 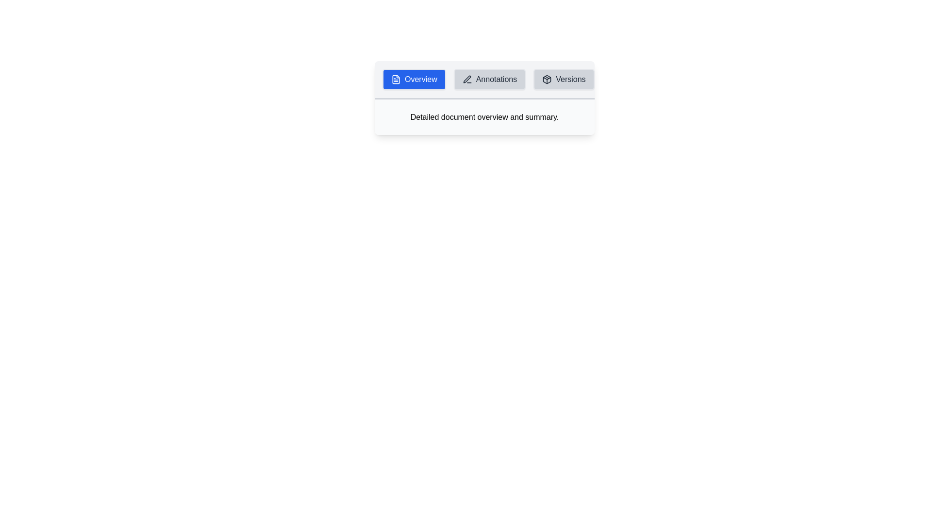 I want to click on the Overview tab by clicking on it, so click(x=414, y=79).